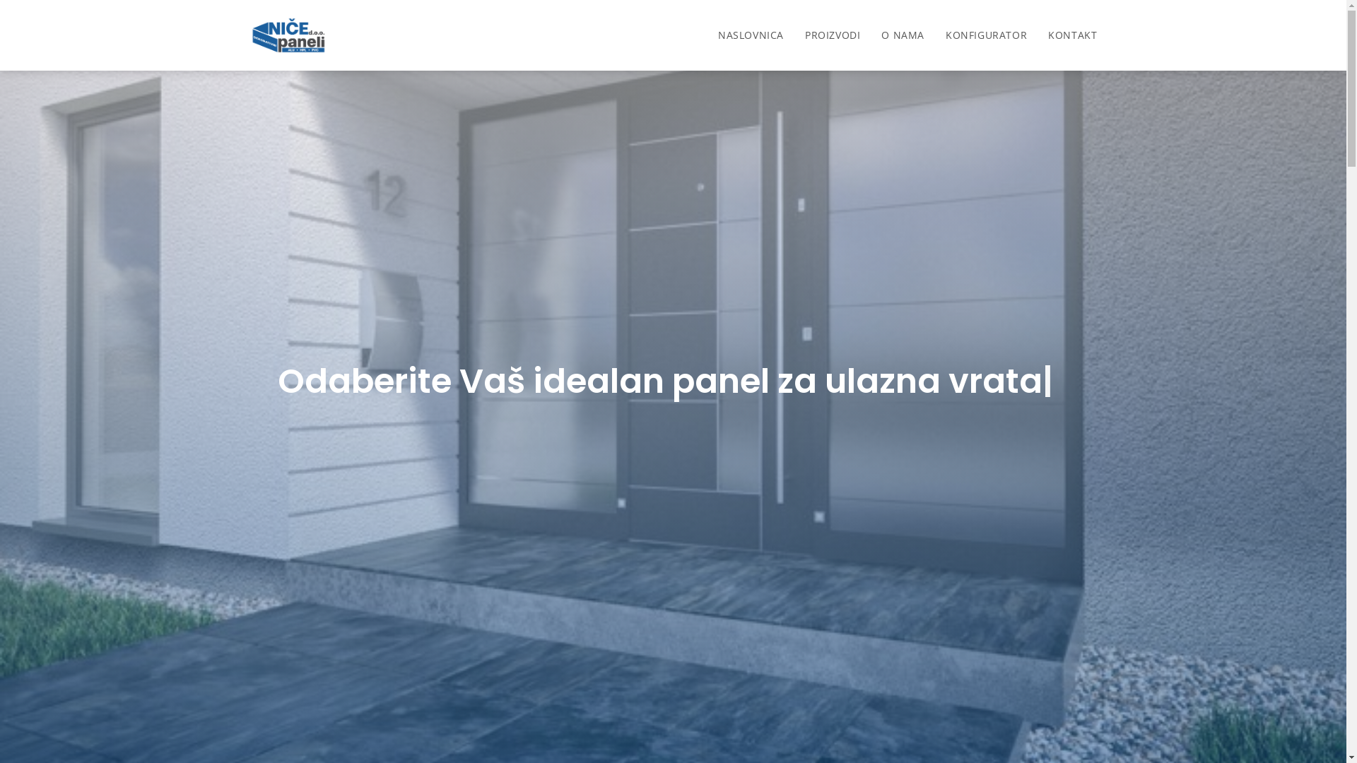 The height and width of the screenshot is (763, 1357). I want to click on 'NASLOVNICA', so click(750, 35).